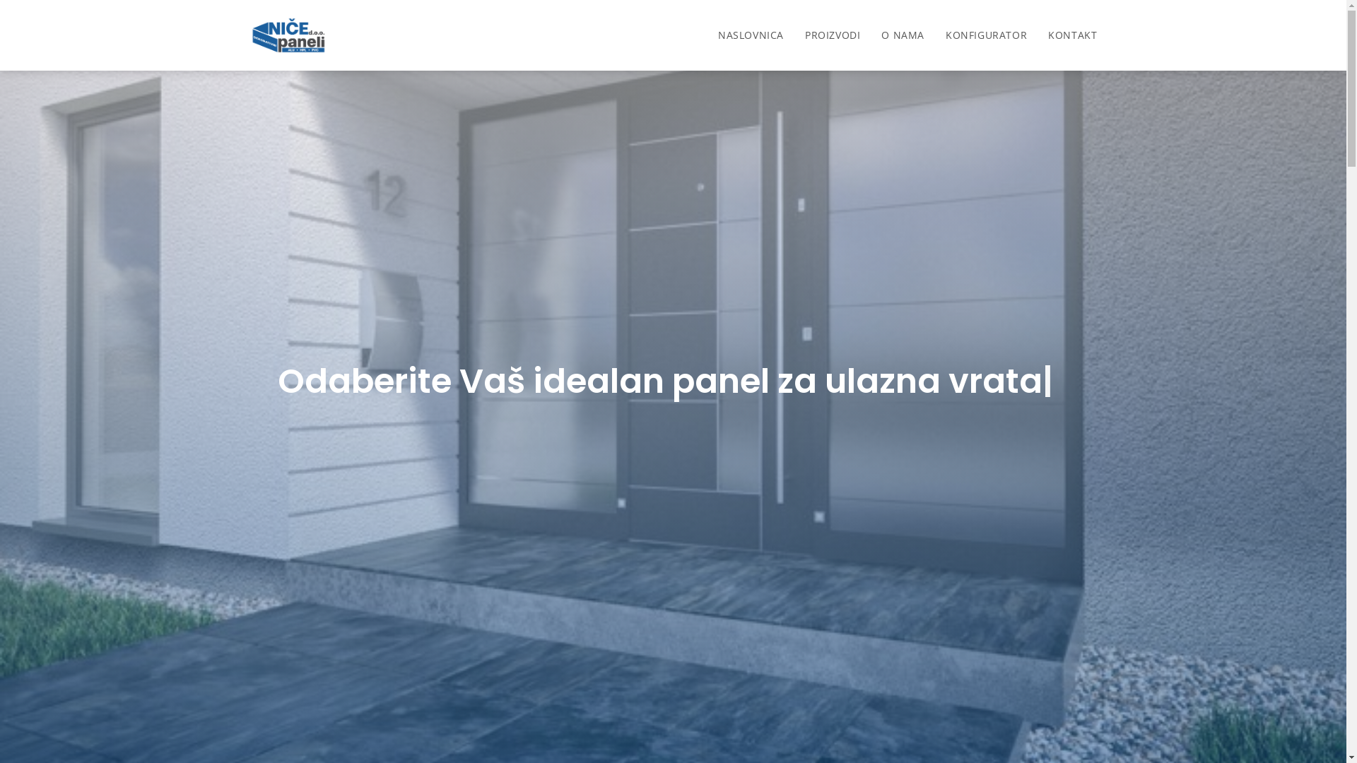 The height and width of the screenshot is (763, 1357). I want to click on 'NASLOVNICA', so click(750, 35).